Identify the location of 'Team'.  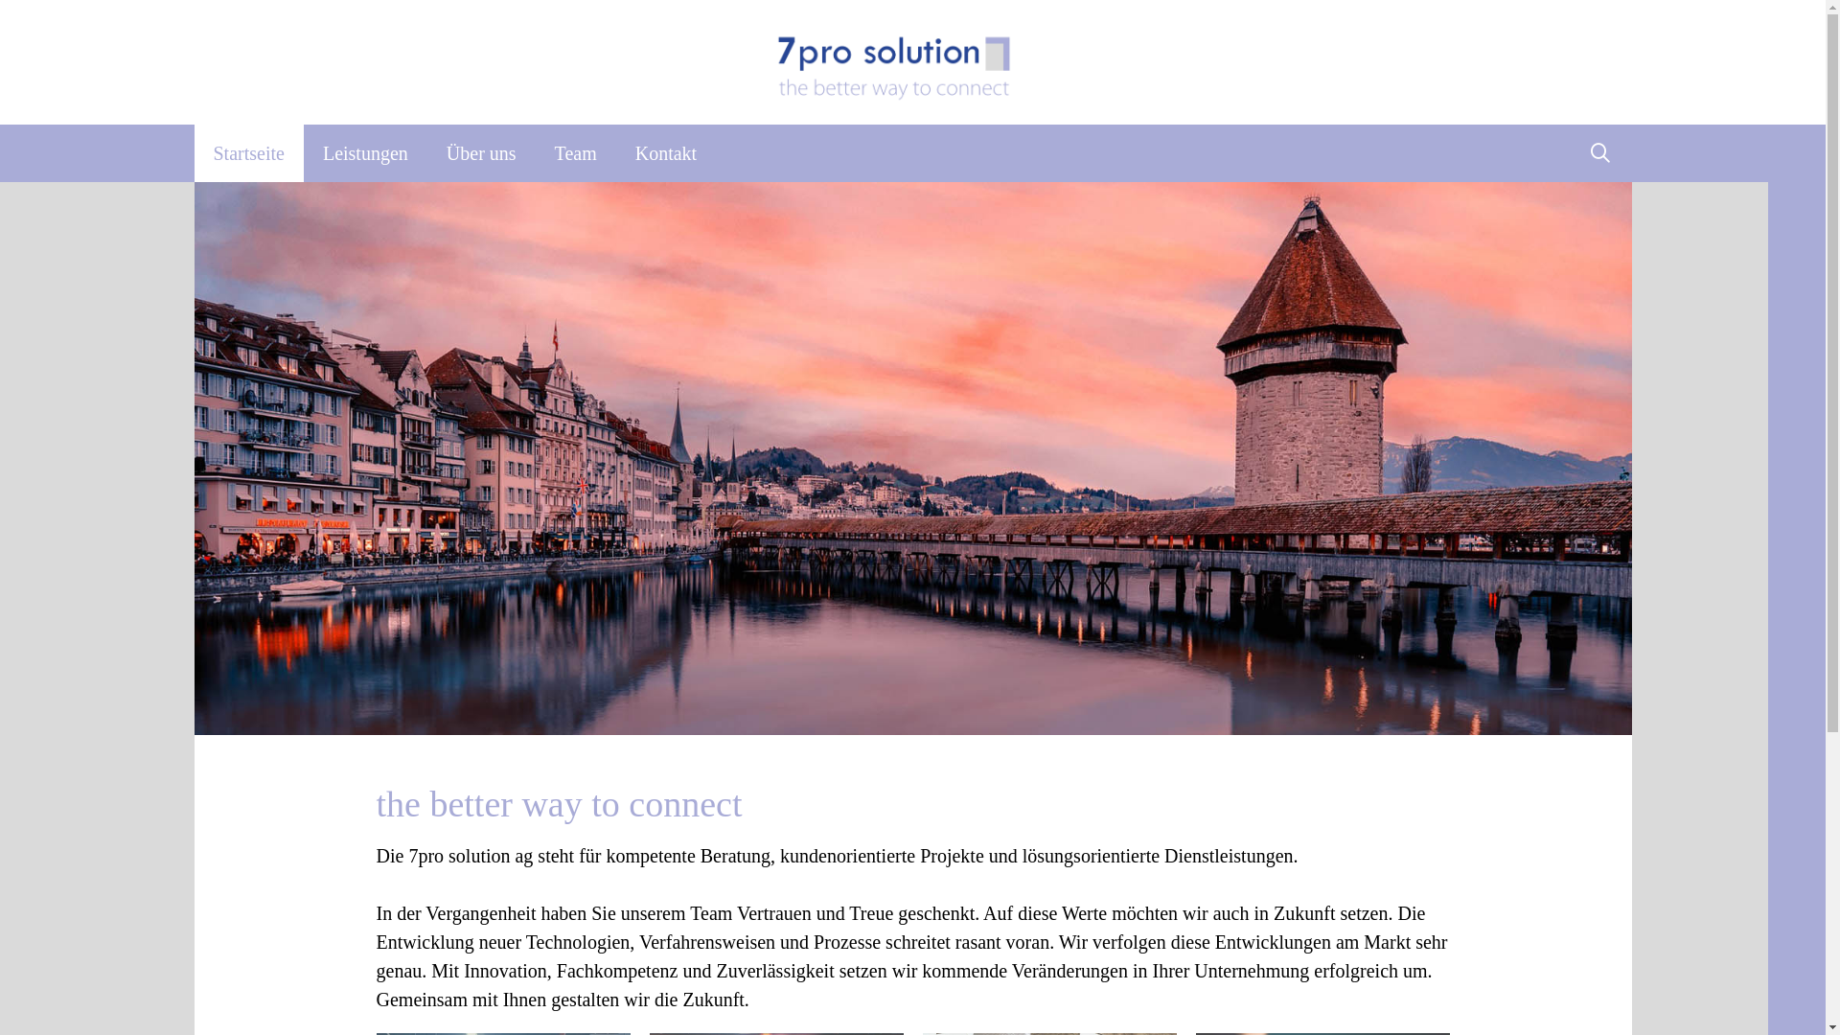
(574, 151).